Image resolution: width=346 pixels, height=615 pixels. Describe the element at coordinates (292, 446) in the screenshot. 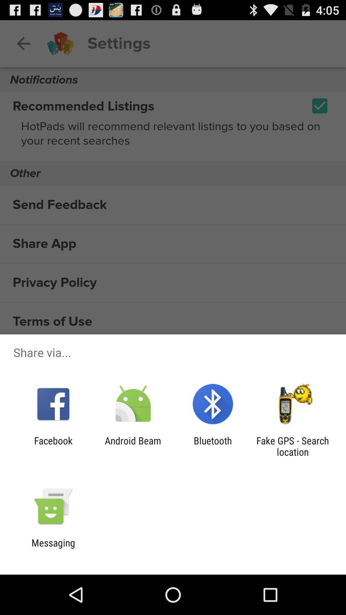

I see `the icon next to bluetooth item` at that location.